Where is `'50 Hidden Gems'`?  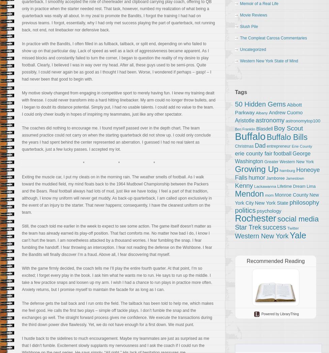
'50 Hidden Gems' is located at coordinates (260, 104).